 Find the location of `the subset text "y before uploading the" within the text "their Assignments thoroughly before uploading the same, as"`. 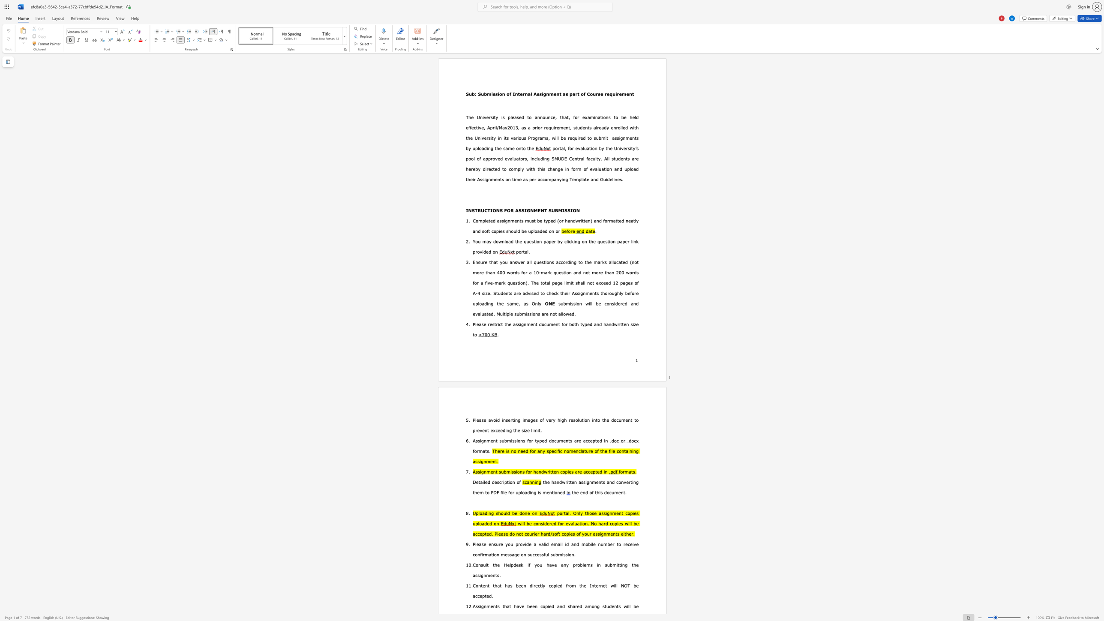

the subset text "y before uploading the" within the text "their Assignments thoroughly before uploading the same, as" is located at coordinates (621, 292).